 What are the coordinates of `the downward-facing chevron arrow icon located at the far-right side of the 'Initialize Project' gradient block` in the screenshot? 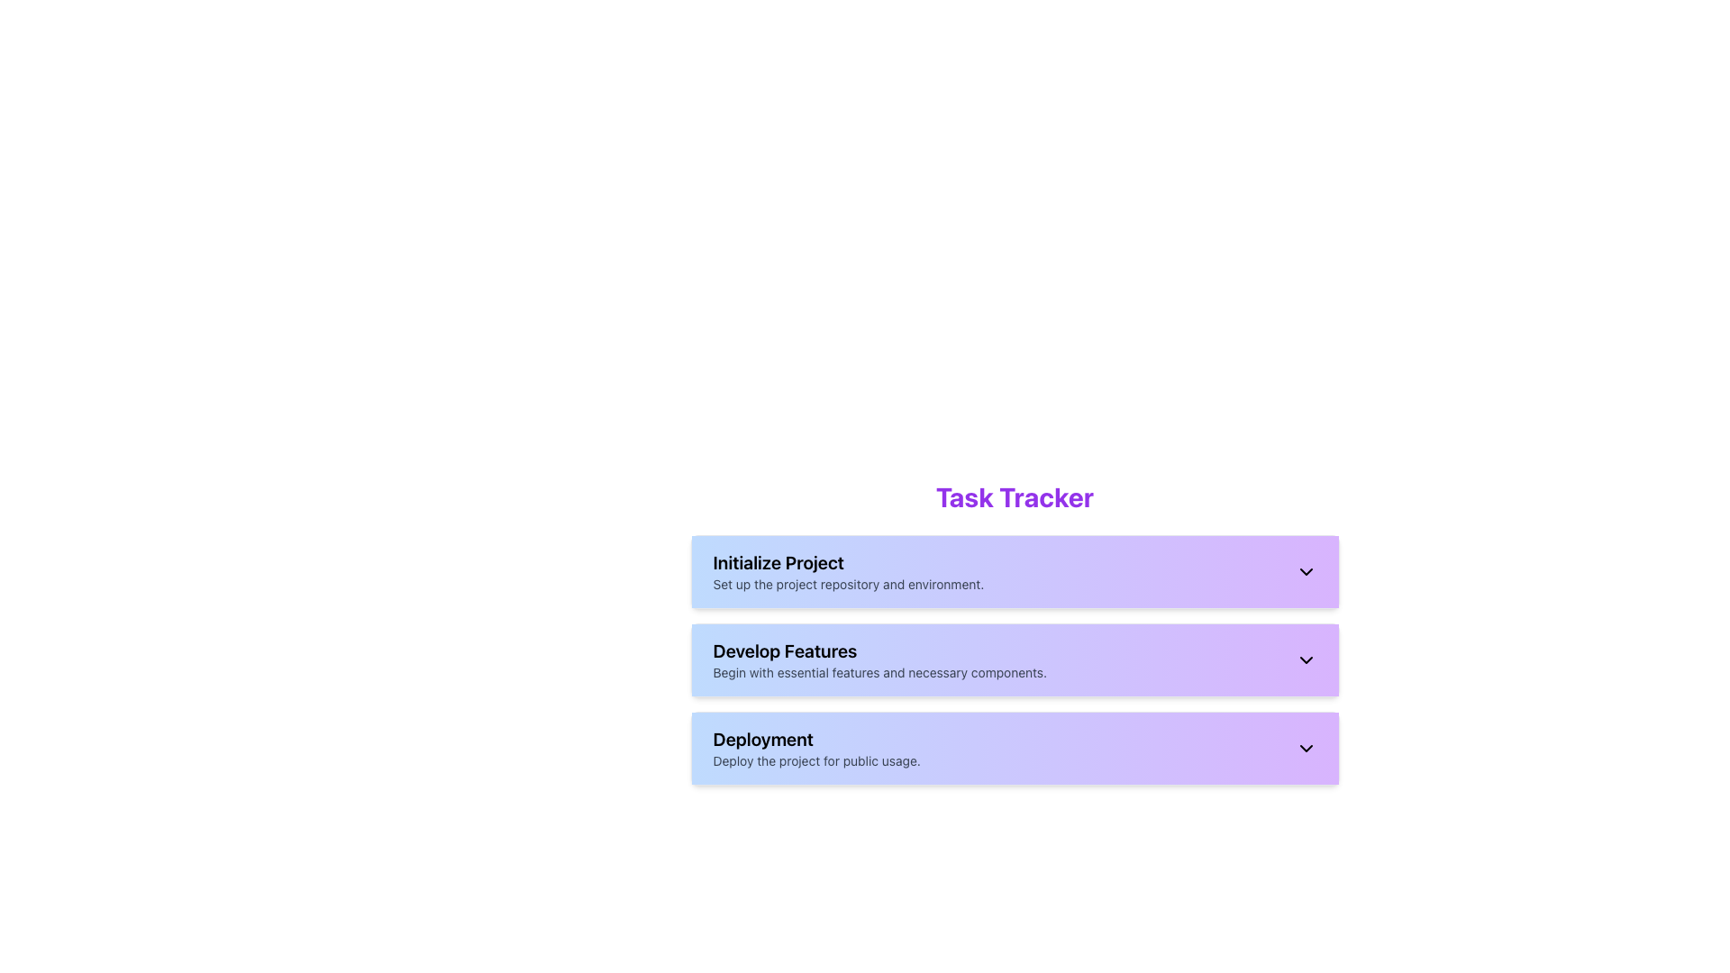 It's located at (1306, 572).